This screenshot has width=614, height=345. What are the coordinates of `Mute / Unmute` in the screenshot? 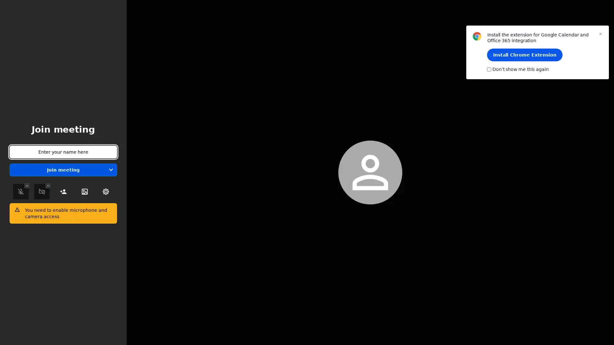 It's located at (20, 191).